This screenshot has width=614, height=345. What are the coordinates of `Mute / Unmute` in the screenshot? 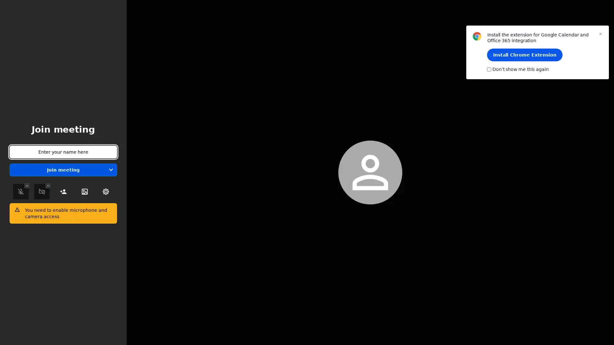 It's located at (20, 191).